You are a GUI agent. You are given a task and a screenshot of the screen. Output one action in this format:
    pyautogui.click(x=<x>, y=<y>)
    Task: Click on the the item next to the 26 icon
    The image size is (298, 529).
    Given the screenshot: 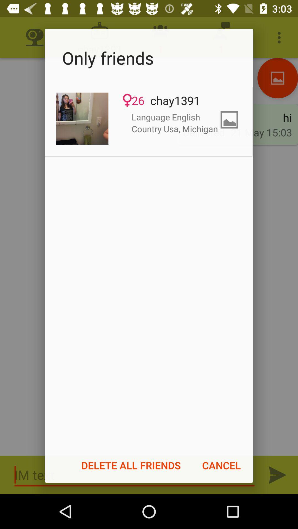 What is the action you would take?
    pyautogui.click(x=82, y=118)
    